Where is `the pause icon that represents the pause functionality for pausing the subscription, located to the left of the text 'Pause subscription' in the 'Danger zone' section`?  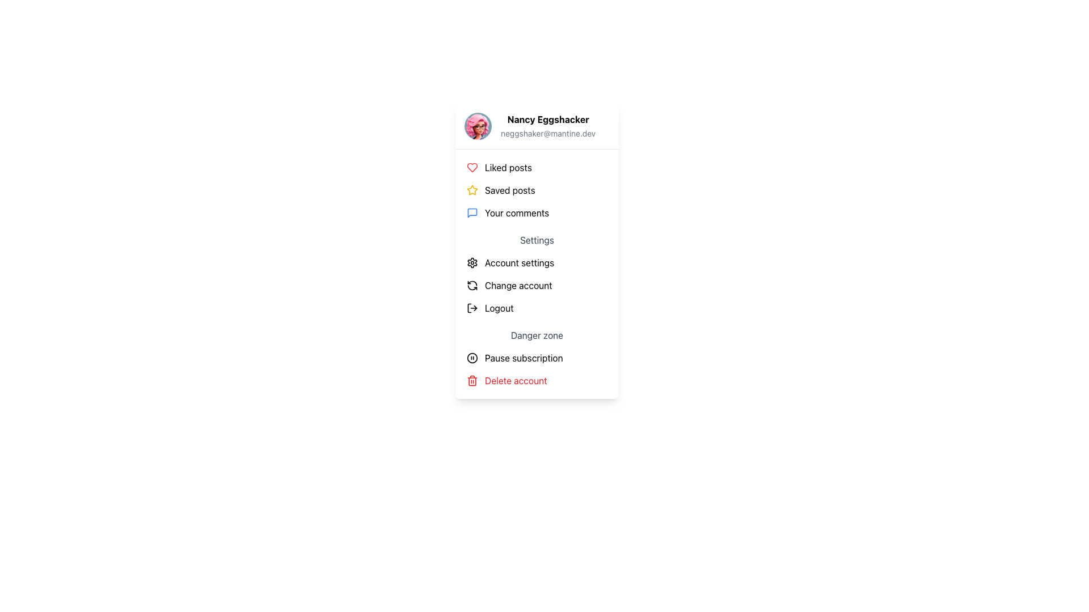
the pause icon that represents the pause functionality for pausing the subscription, located to the left of the text 'Pause subscription' in the 'Danger zone' section is located at coordinates (472, 358).